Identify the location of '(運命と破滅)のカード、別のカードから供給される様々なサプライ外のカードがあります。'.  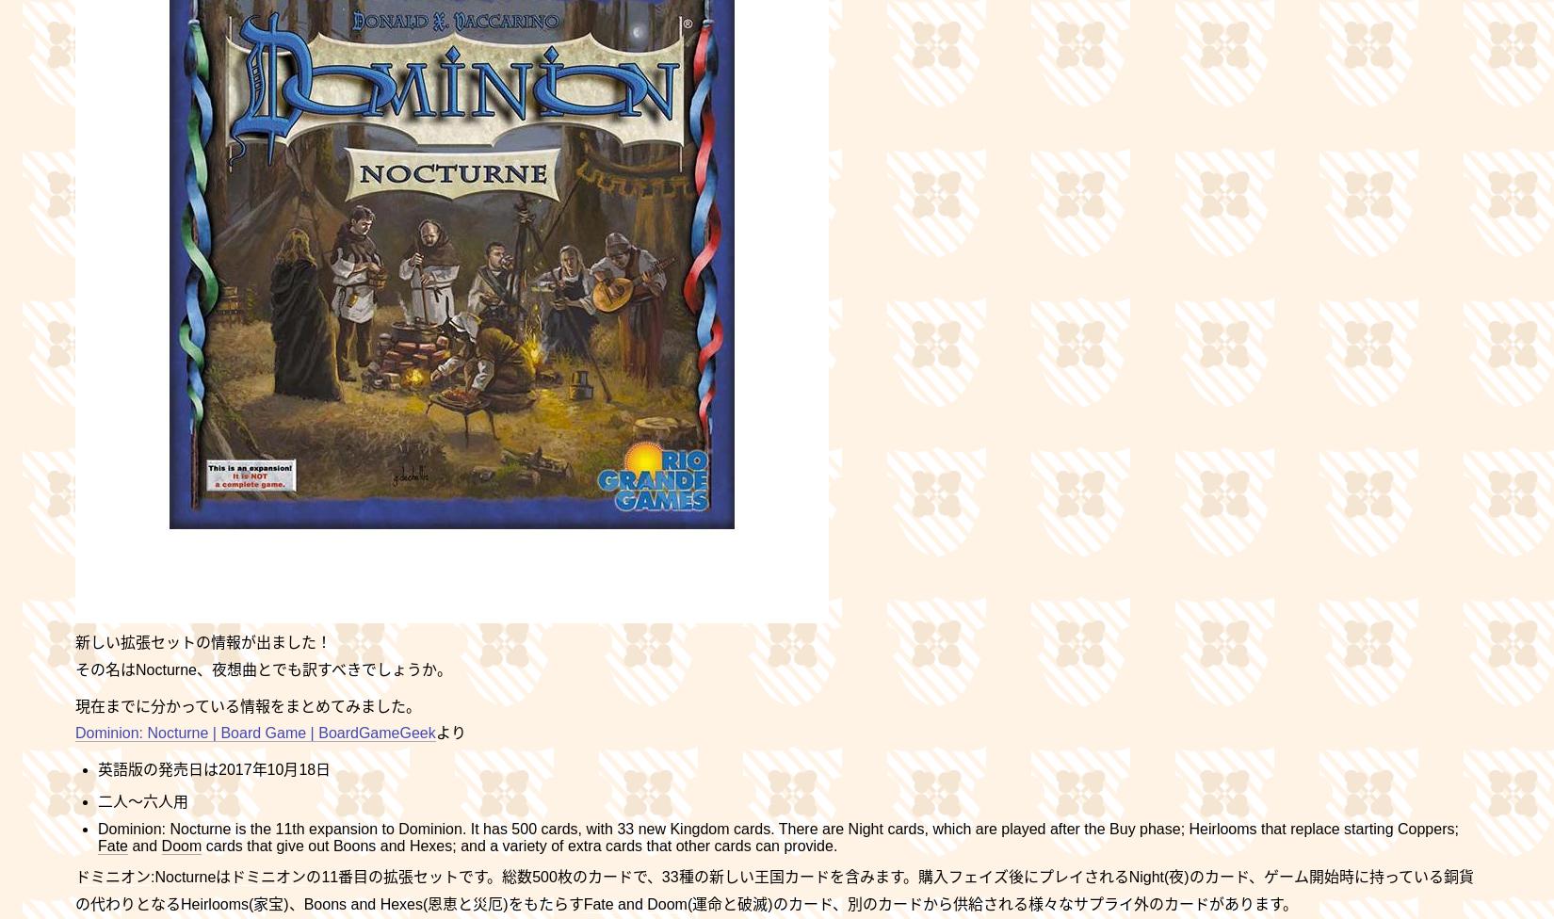
(685, 902).